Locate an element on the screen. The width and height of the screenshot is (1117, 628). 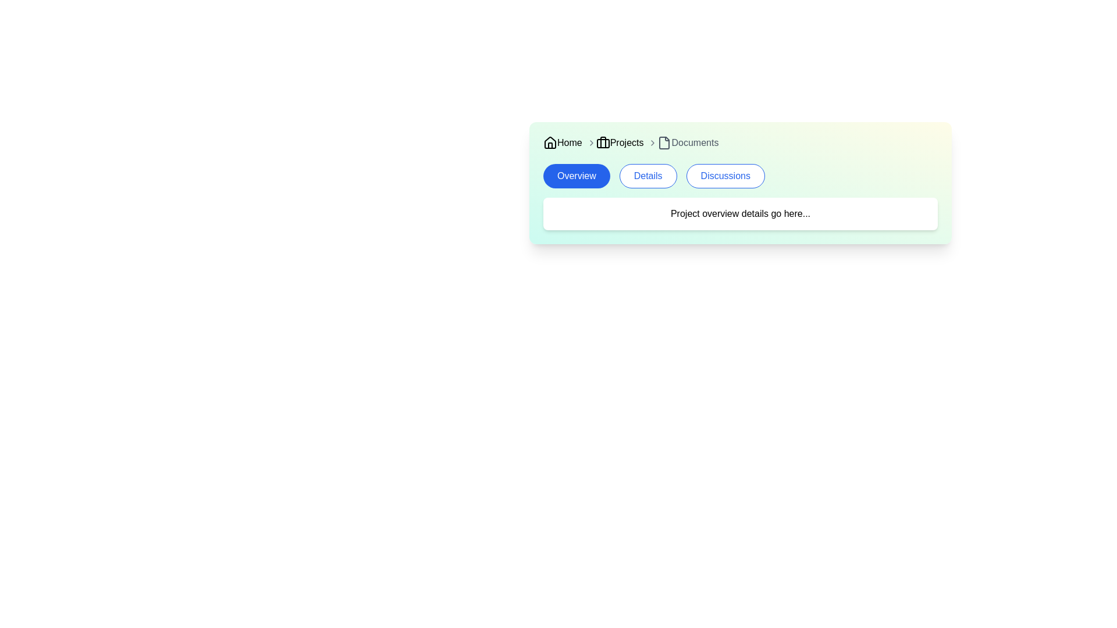
the home navigation icon in the breadcrumb navigation bar is located at coordinates (549, 142).